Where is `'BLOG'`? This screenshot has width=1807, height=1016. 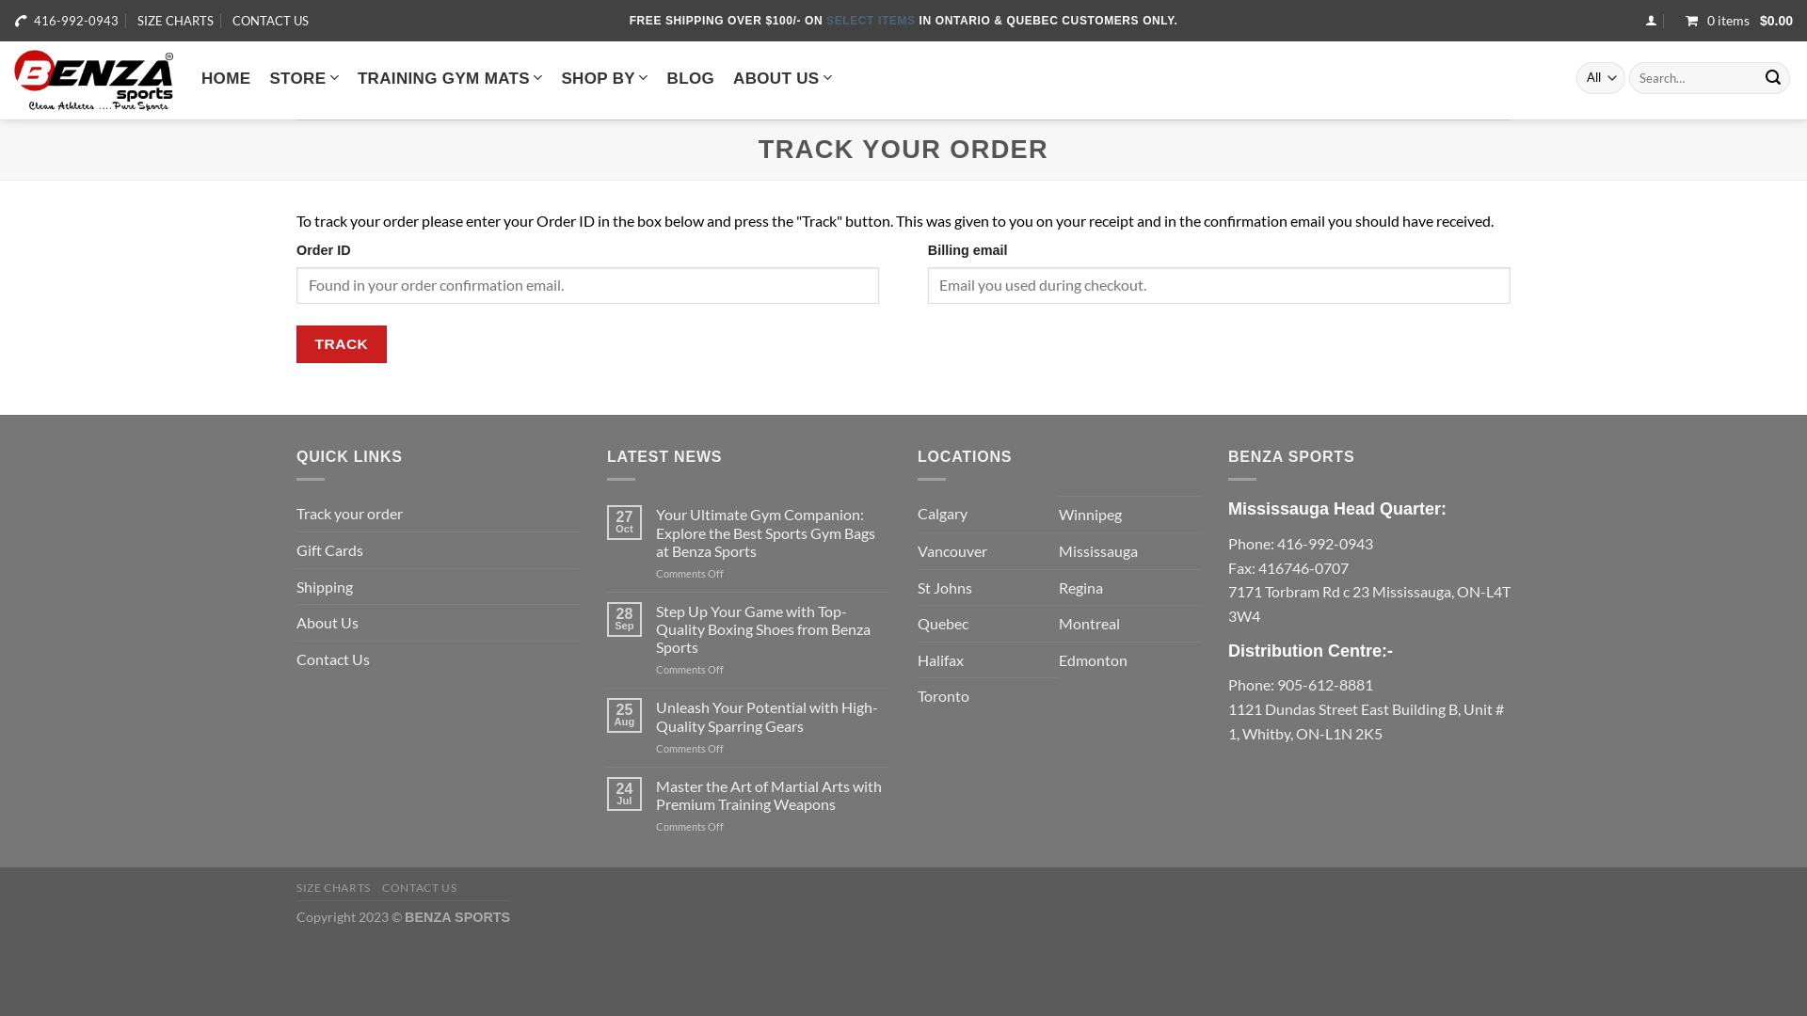
'BLOG' is located at coordinates (667, 77).